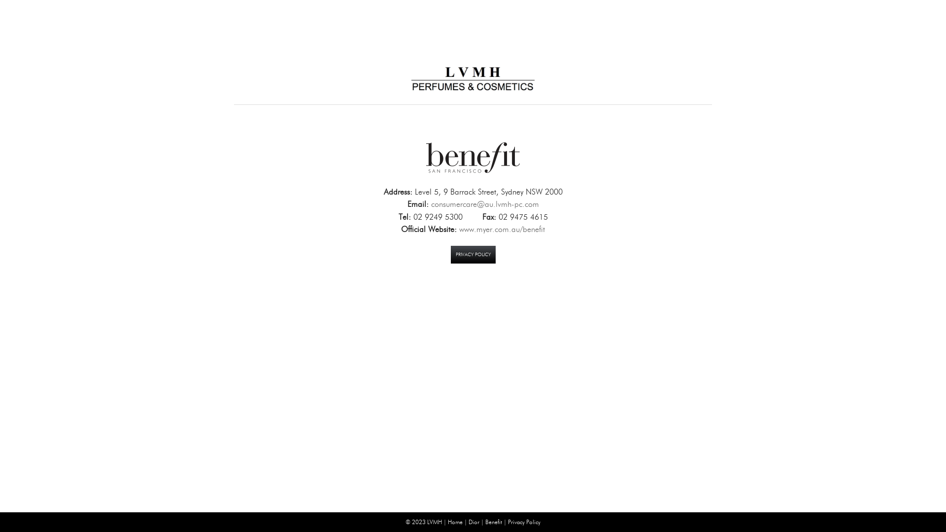 Image resolution: width=946 pixels, height=532 pixels. I want to click on 'PRIVACY POLICY', so click(449, 254).